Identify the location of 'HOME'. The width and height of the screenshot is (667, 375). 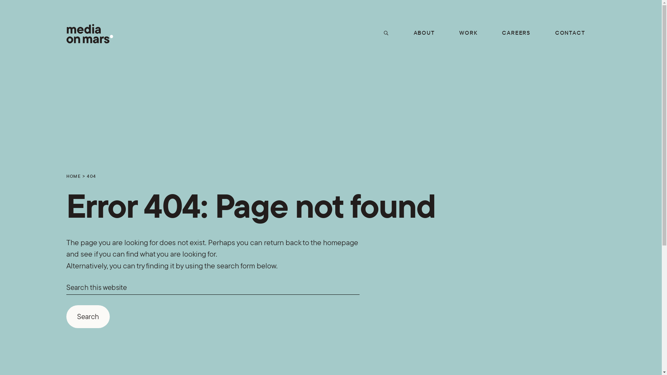
(73, 175).